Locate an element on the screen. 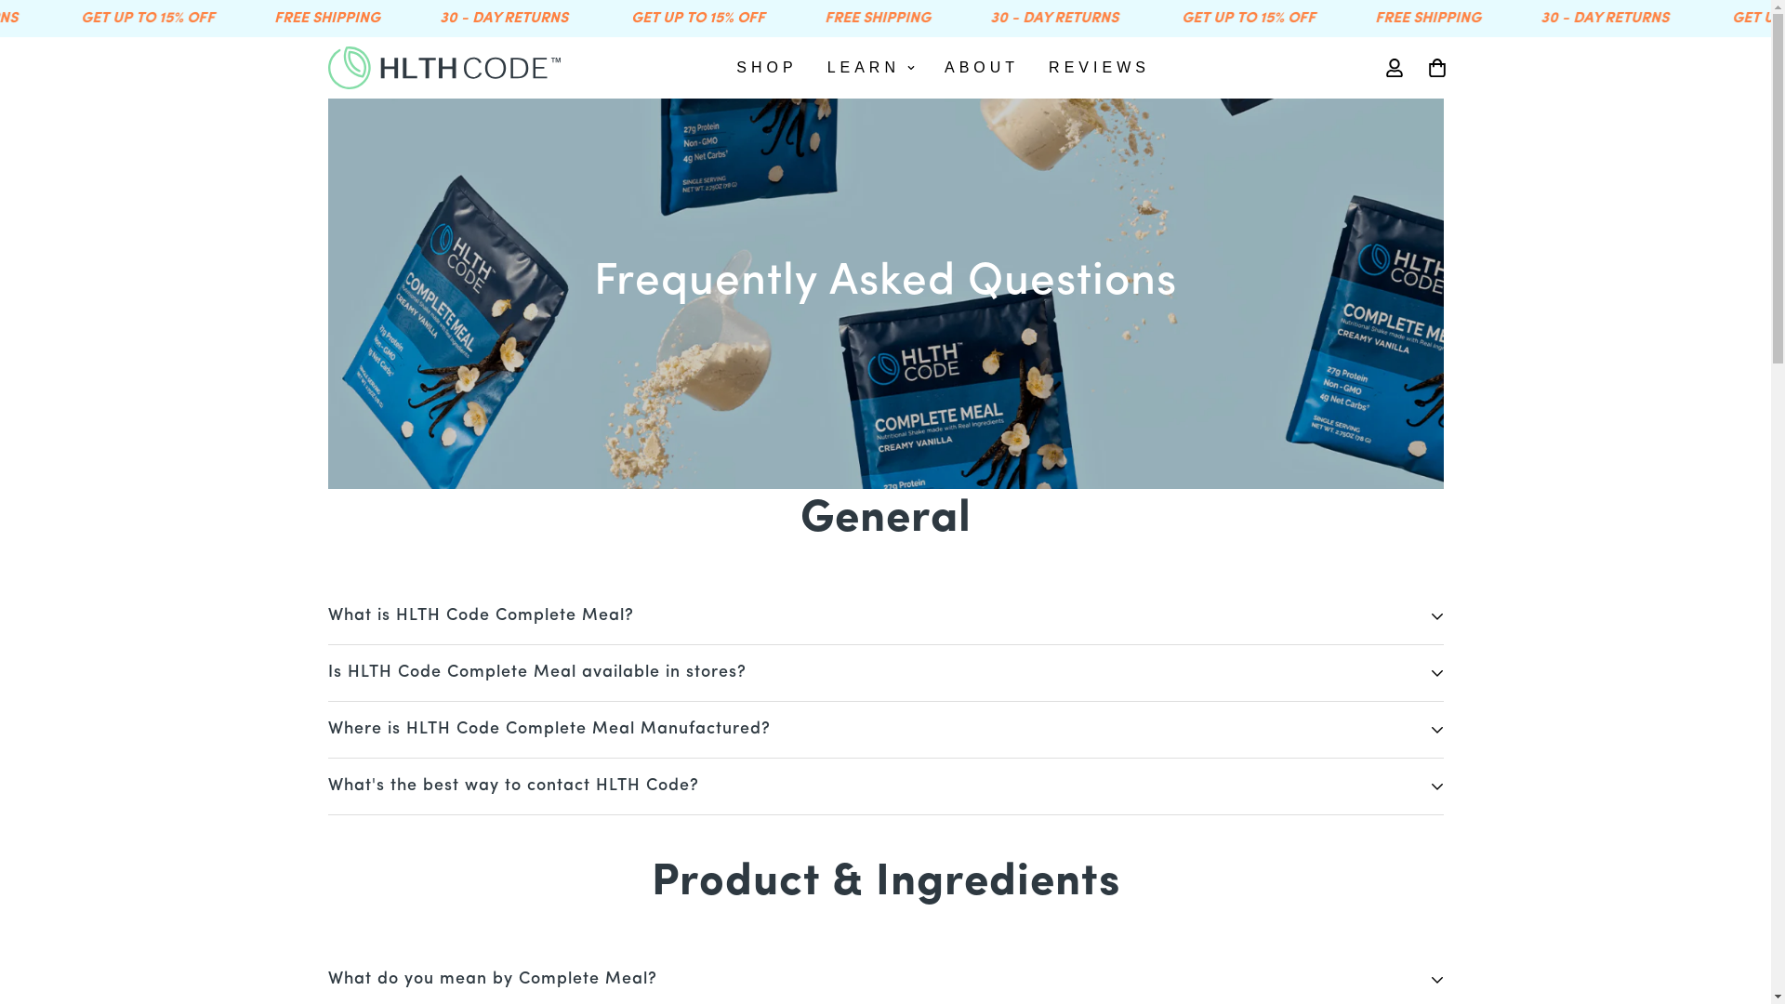 Image resolution: width=1785 pixels, height=1004 pixels. 'ABOUT' is located at coordinates (981, 66).